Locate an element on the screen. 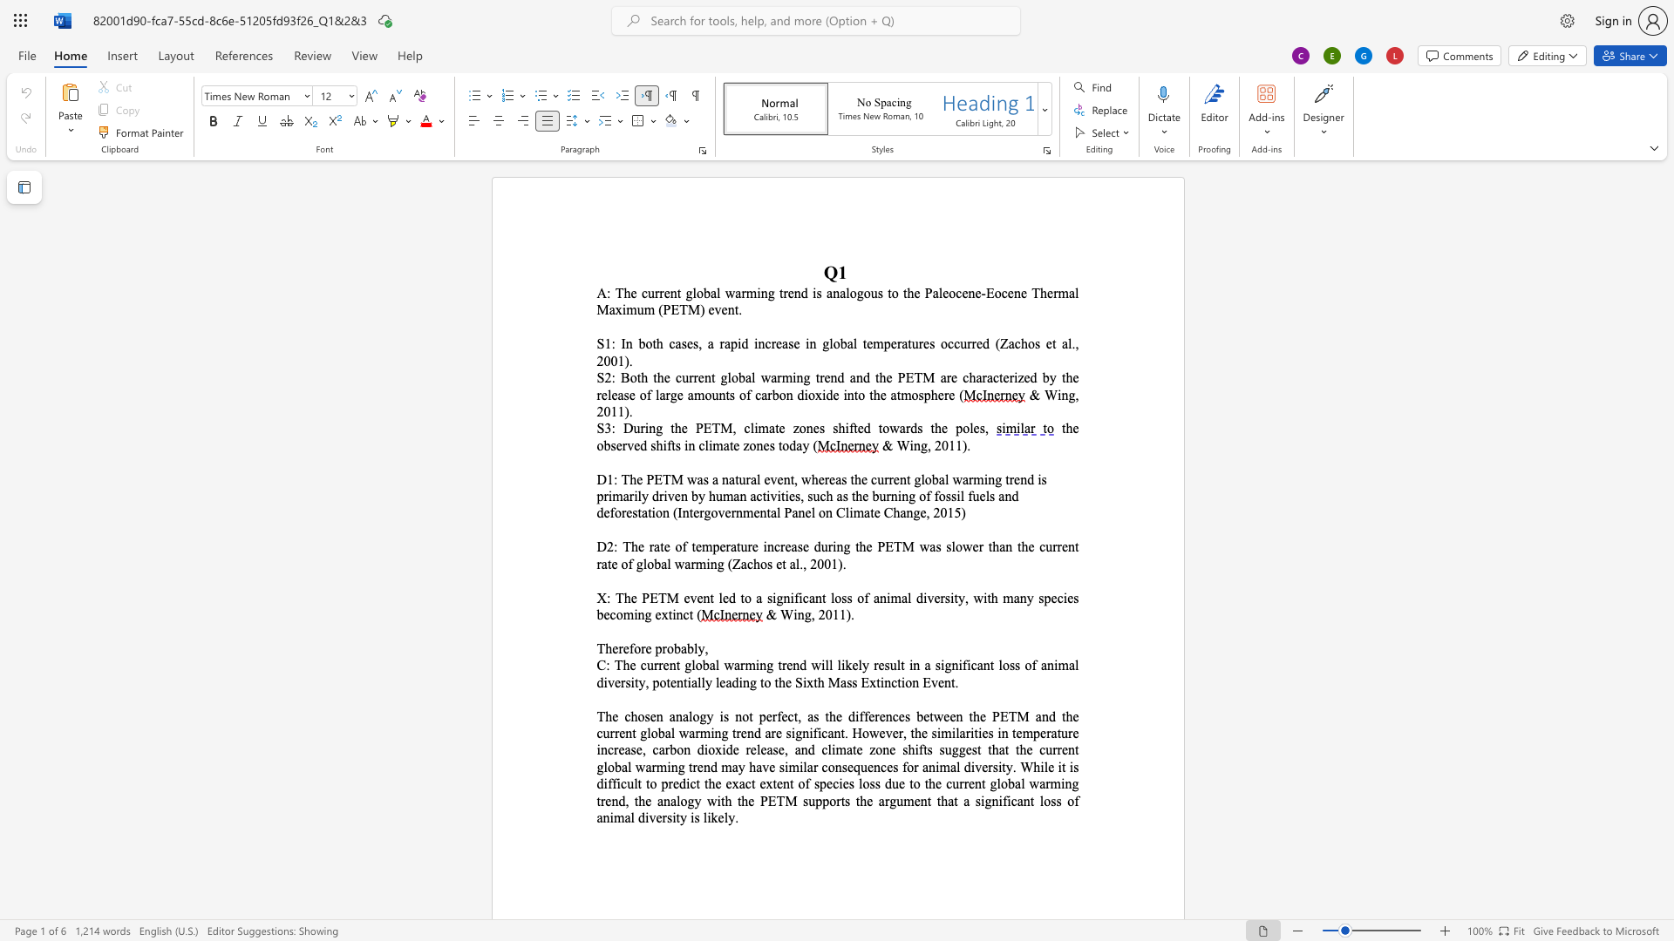 Image resolution: width=1674 pixels, height=941 pixels. the 2th character "a" in the text is located at coordinates (690, 395).